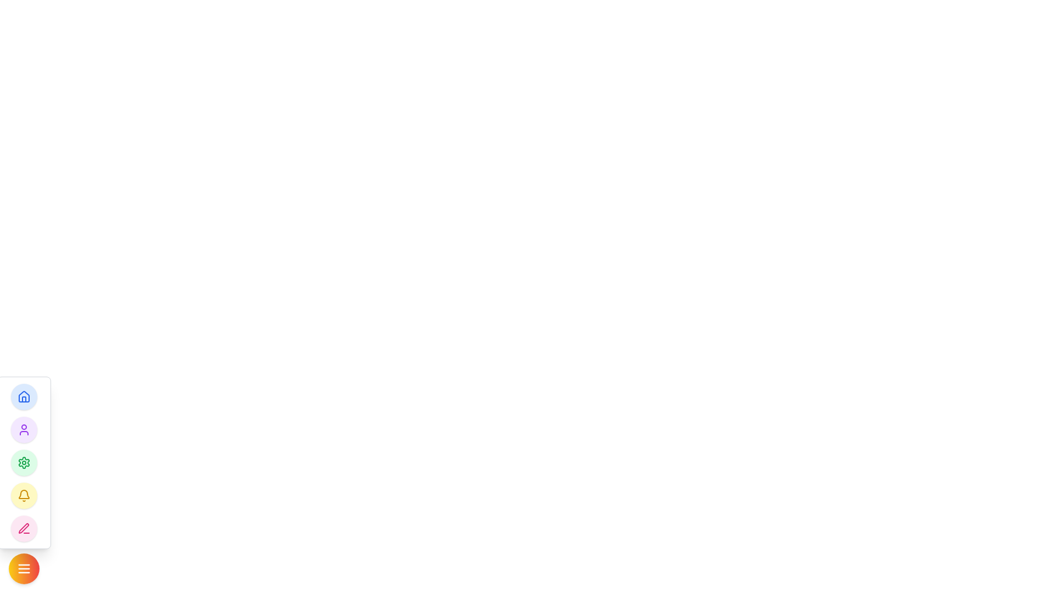  What do you see at coordinates (24, 463) in the screenshot?
I see `the gear-shaped settings icon` at bounding box center [24, 463].